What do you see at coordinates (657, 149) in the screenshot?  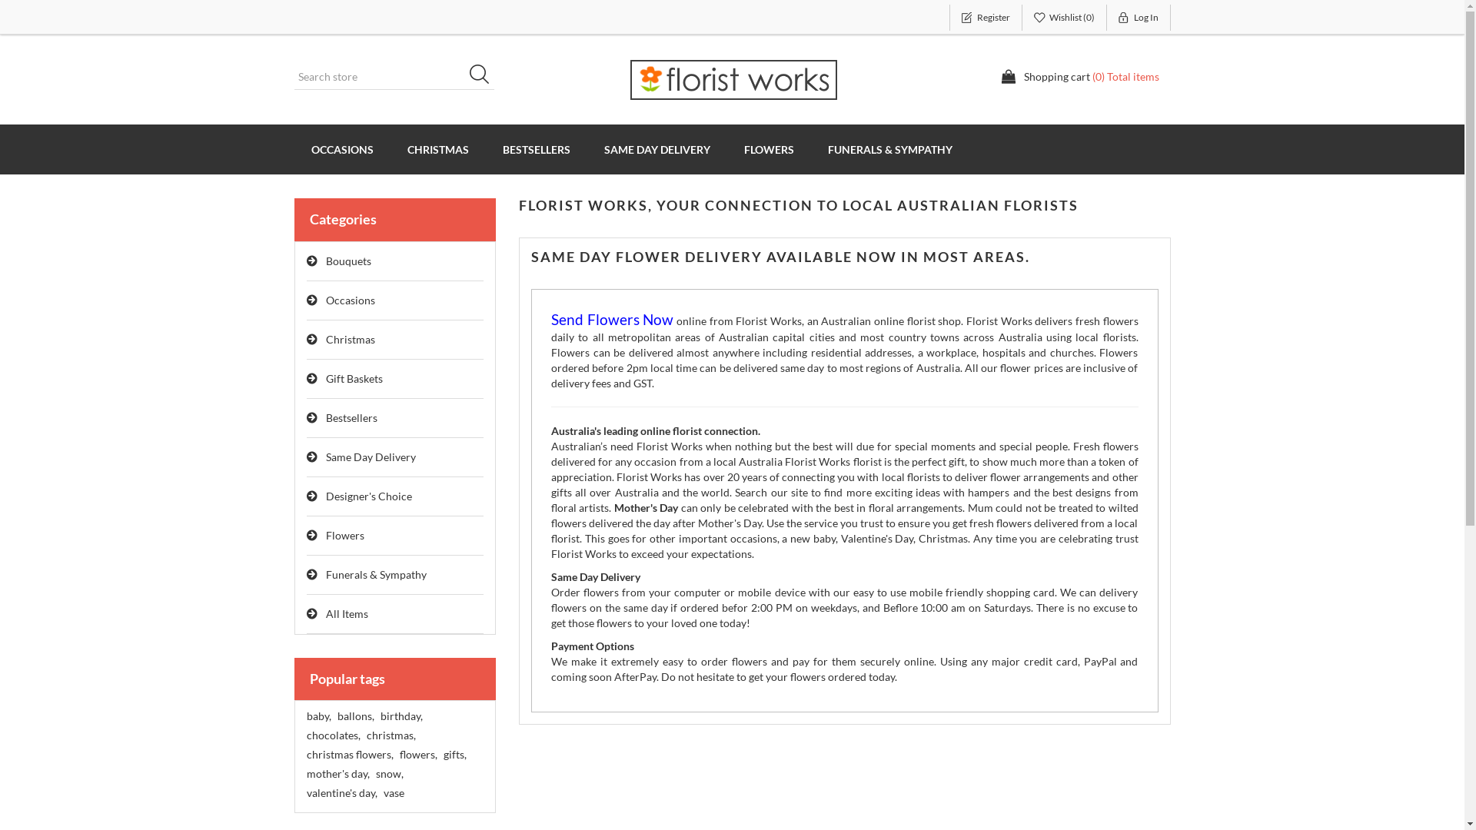 I see `'SAME DAY DELIVERY'` at bounding box center [657, 149].